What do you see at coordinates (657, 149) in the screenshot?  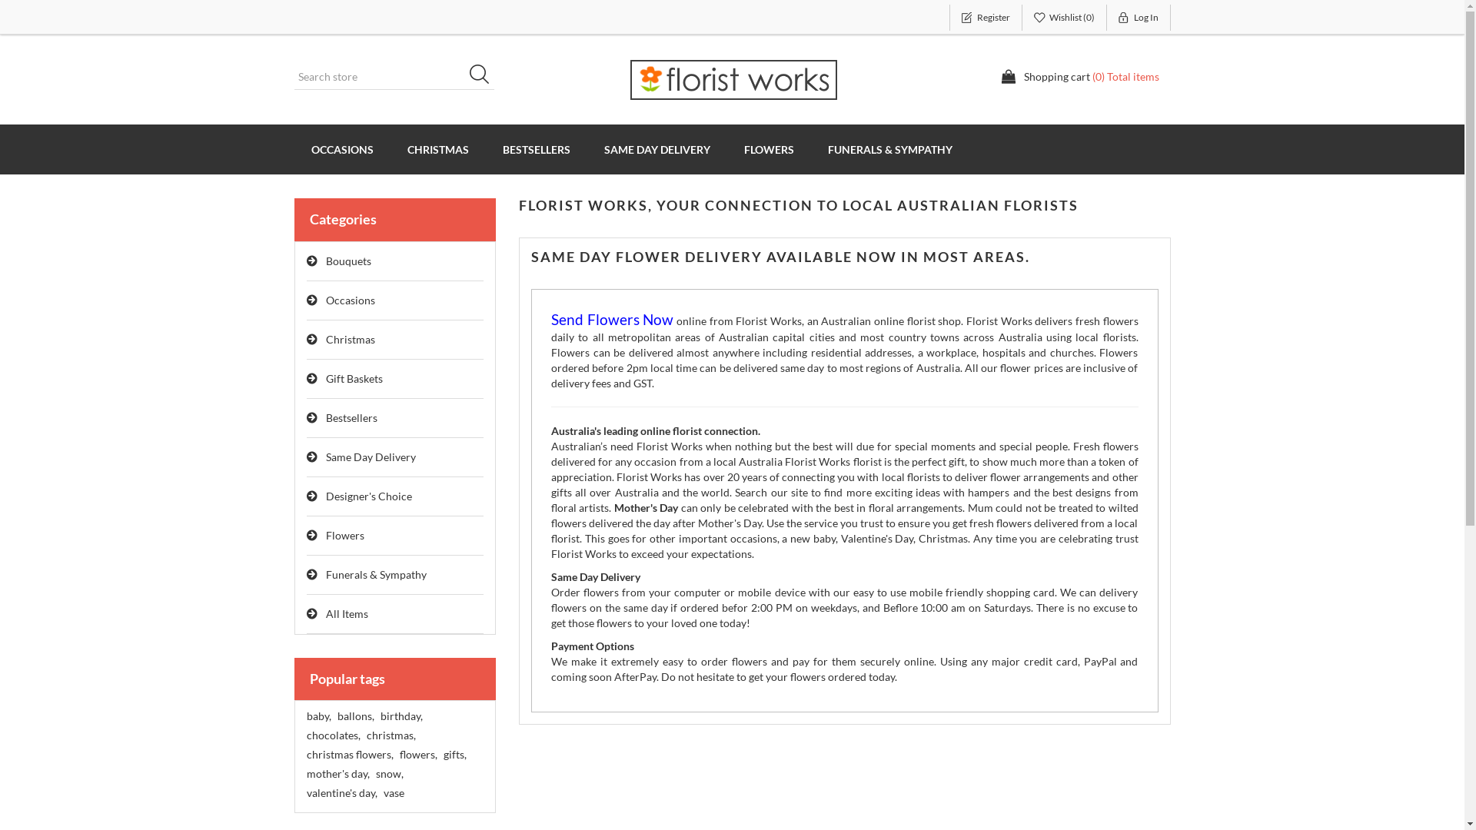 I see `'SAME DAY DELIVERY'` at bounding box center [657, 149].